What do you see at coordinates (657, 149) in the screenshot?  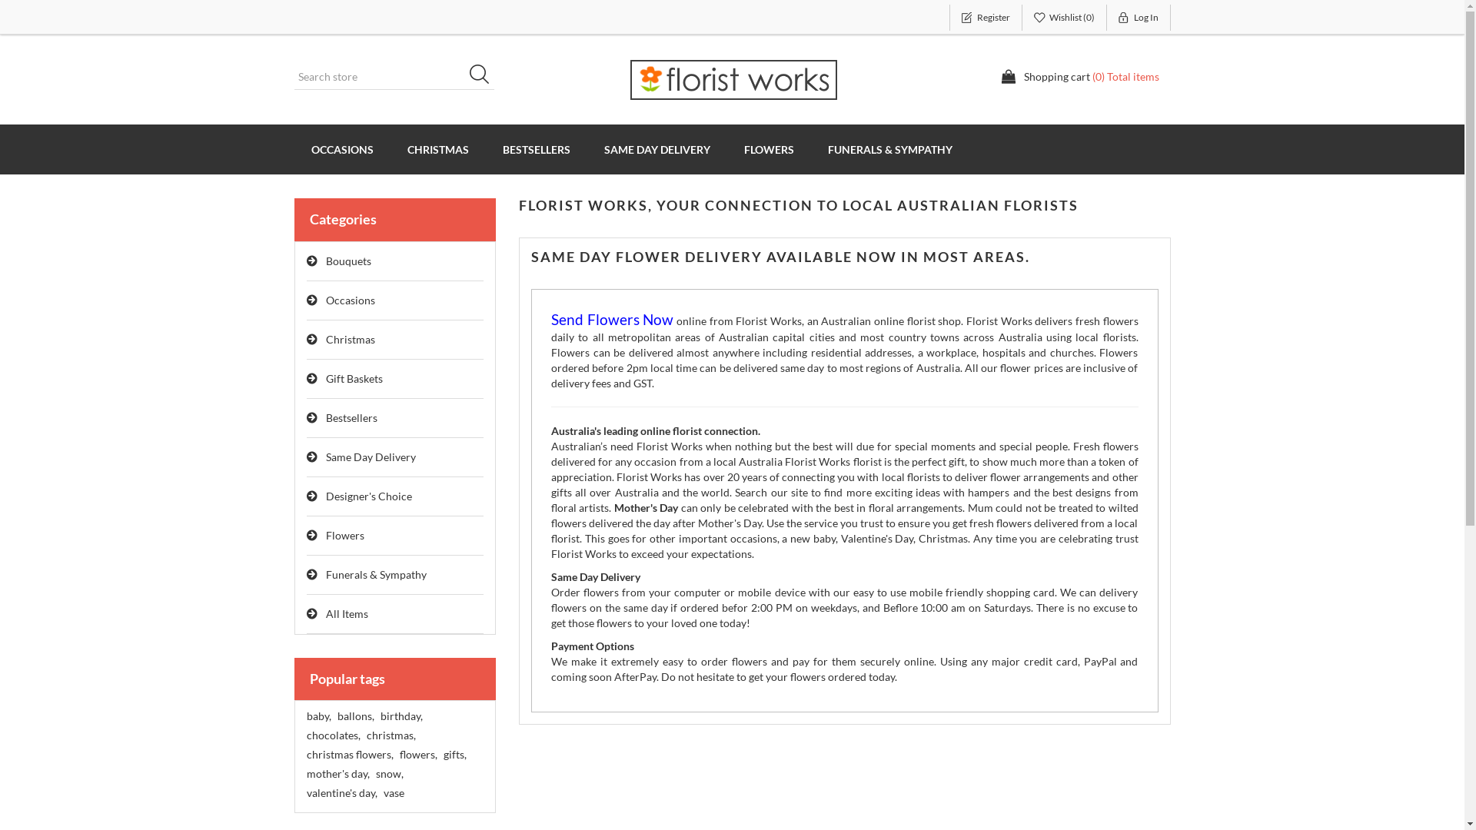 I see `'SAME DAY DELIVERY'` at bounding box center [657, 149].